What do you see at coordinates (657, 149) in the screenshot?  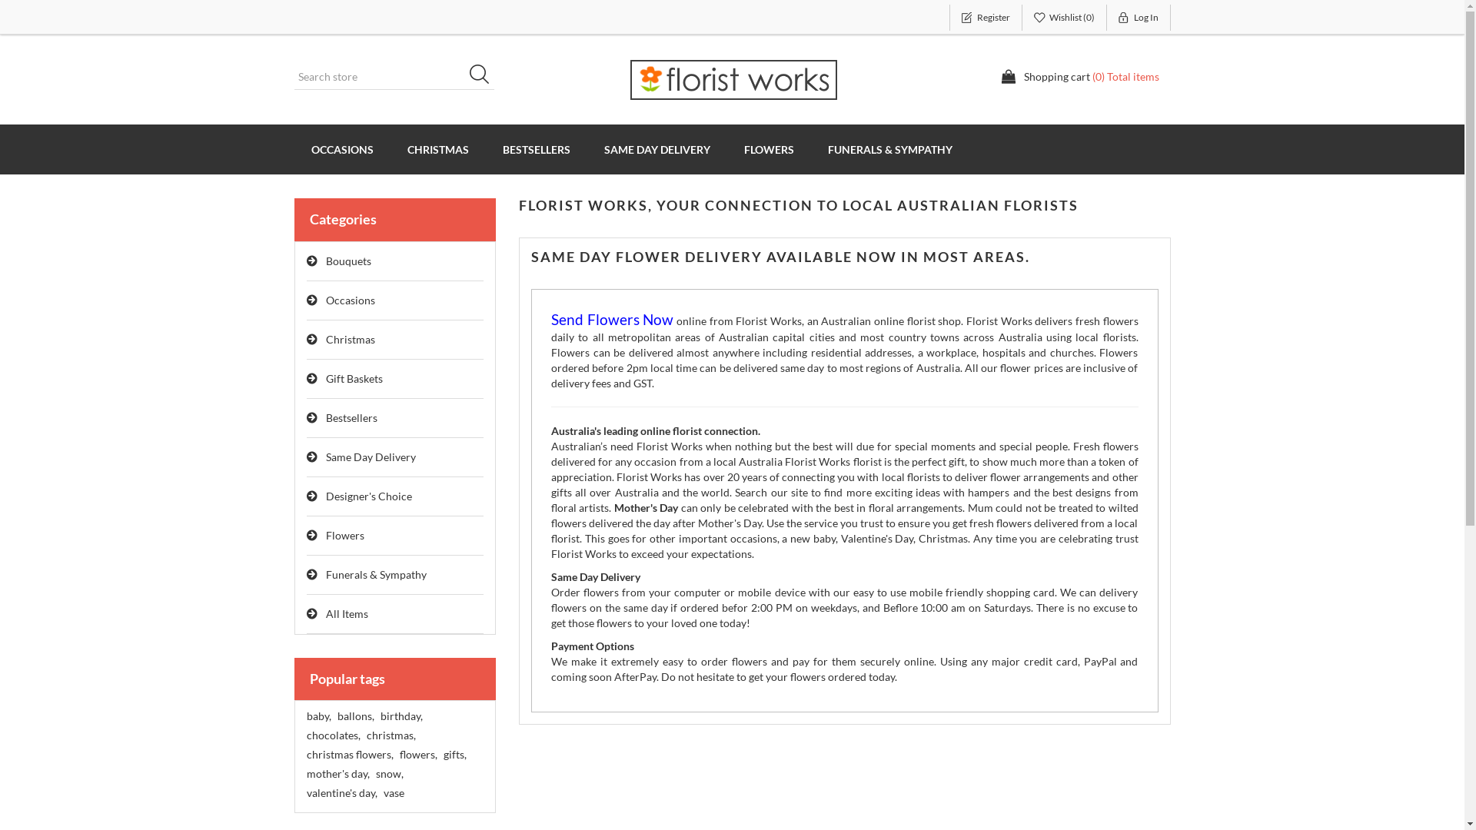 I see `'SAME DAY DELIVERY'` at bounding box center [657, 149].